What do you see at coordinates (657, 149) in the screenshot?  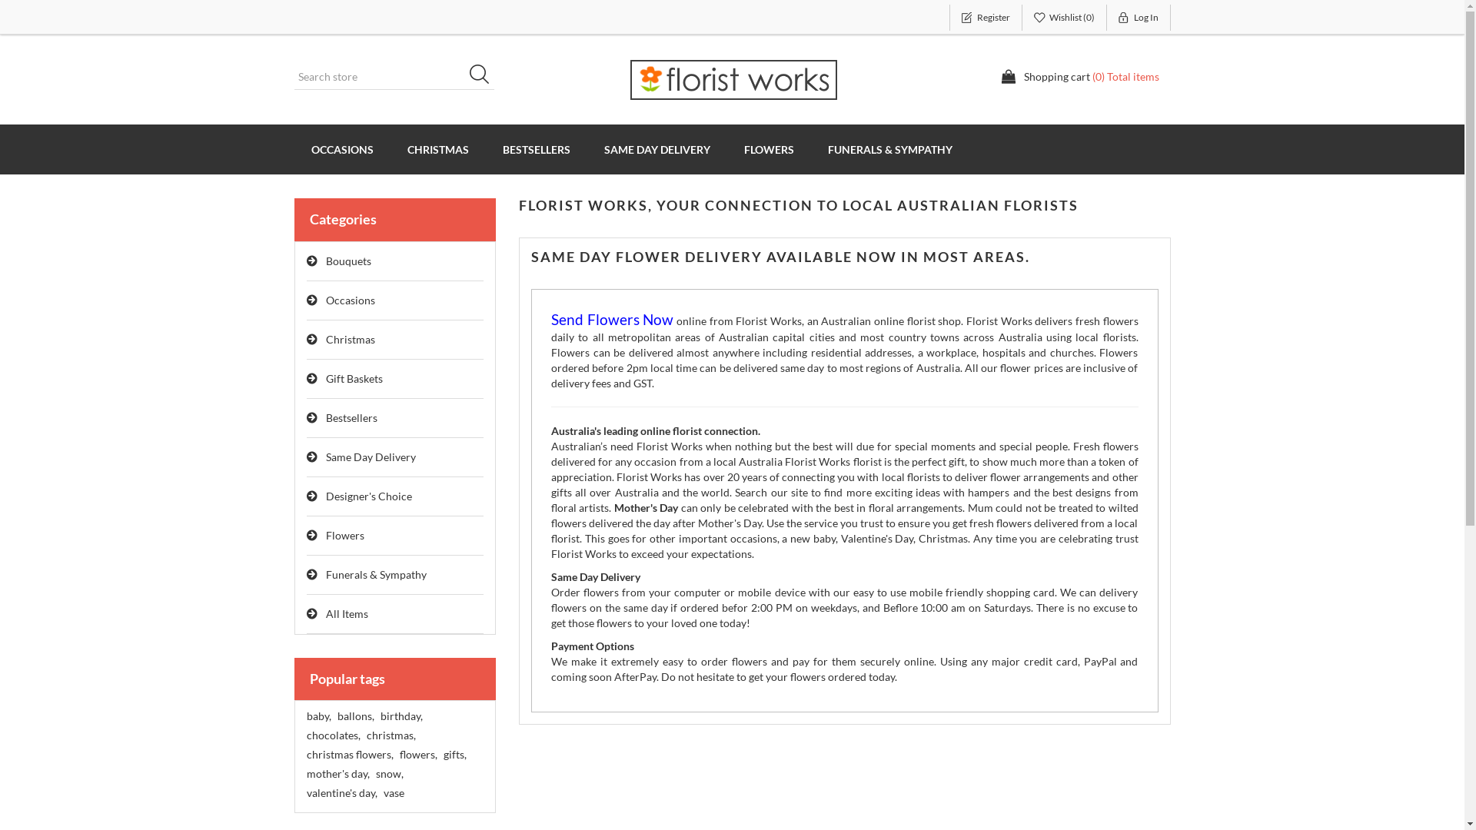 I see `'SAME DAY DELIVERY'` at bounding box center [657, 149].